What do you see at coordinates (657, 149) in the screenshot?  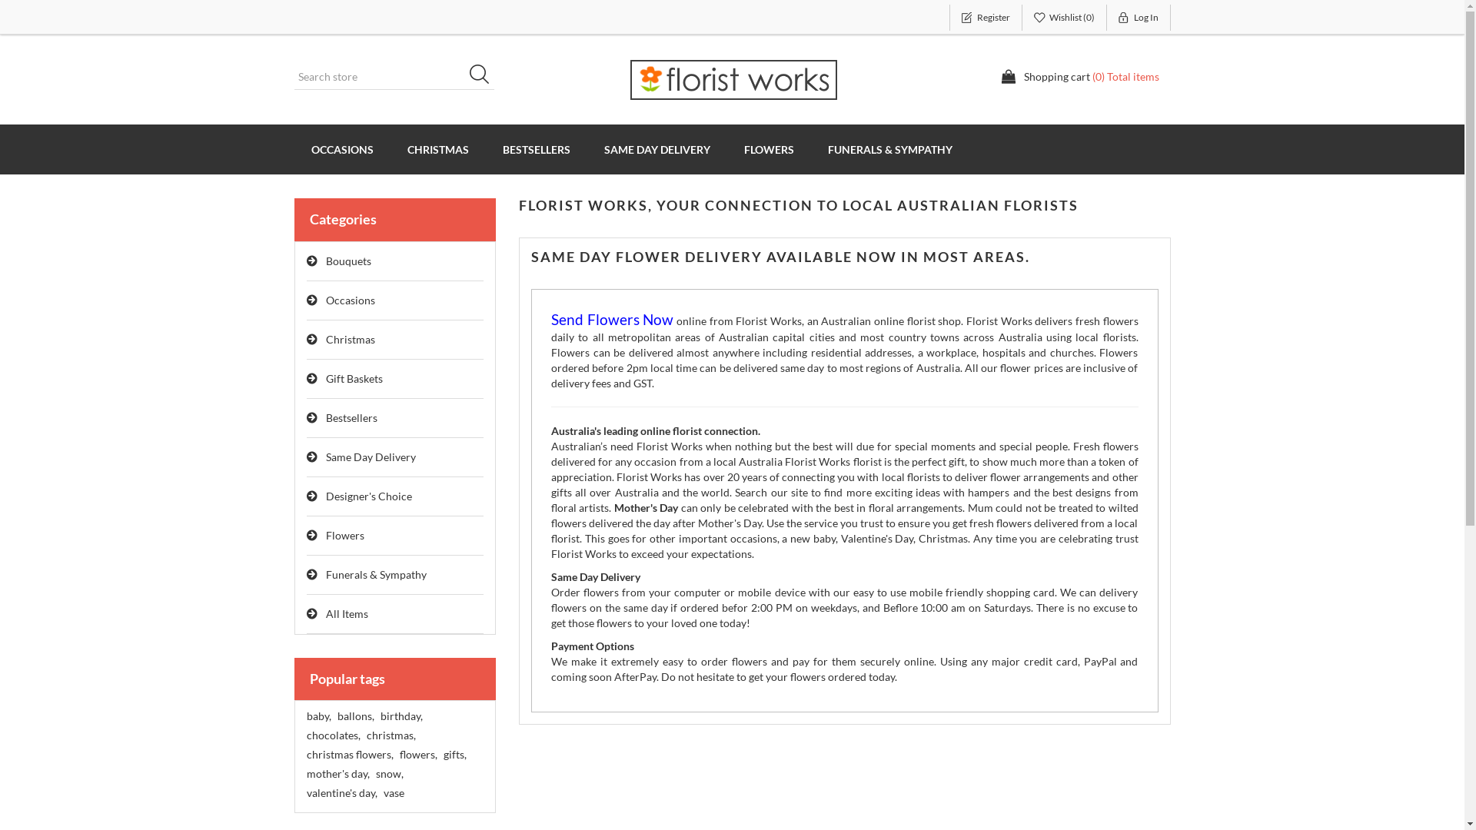 I see `'SAME DAY DELIVERY'` at bounding box center [657, 149].